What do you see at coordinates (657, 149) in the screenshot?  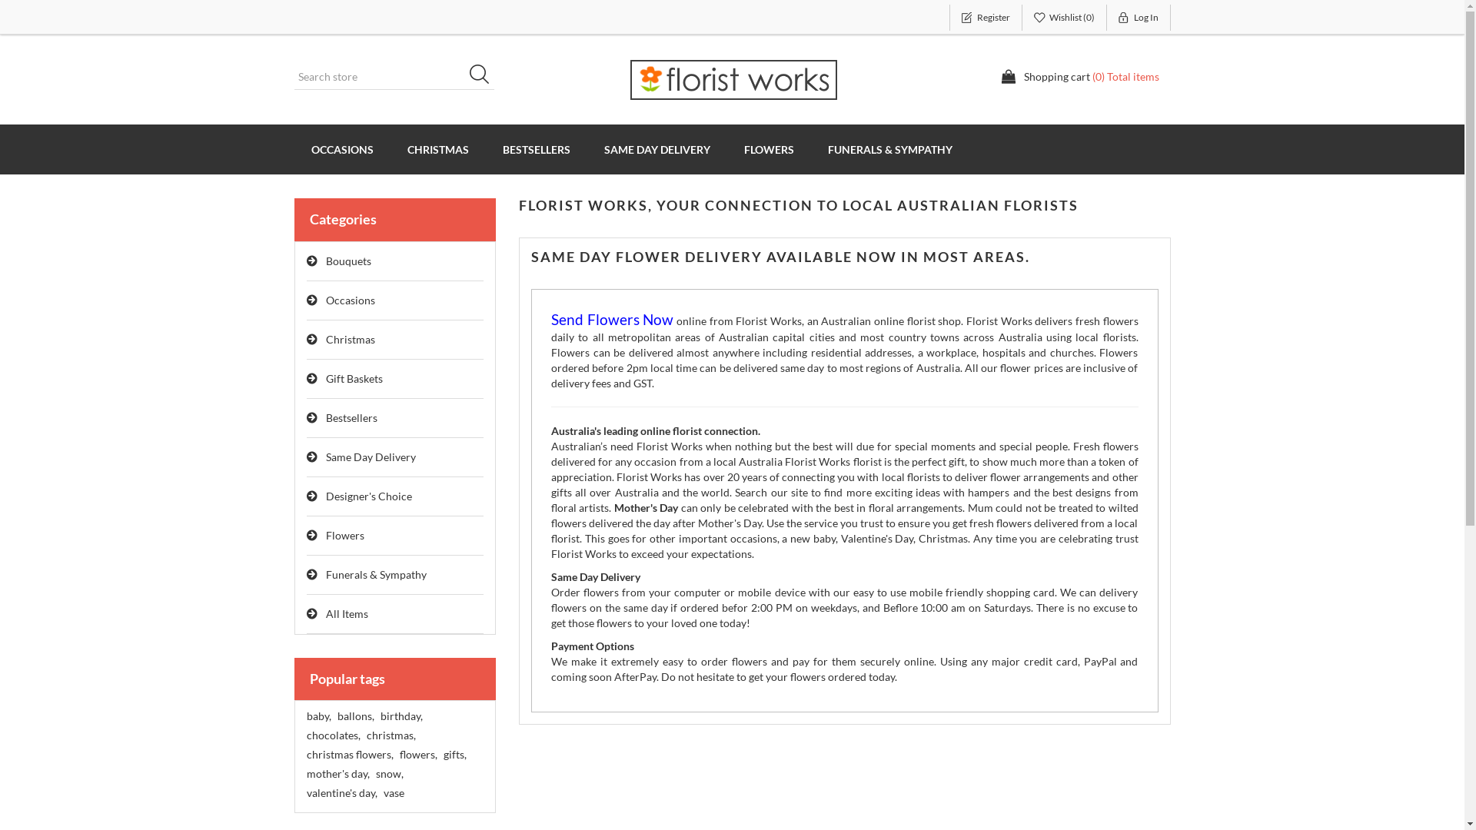 I see `'SAME DAY DELIVERY'` at bounding box center [657, 149].